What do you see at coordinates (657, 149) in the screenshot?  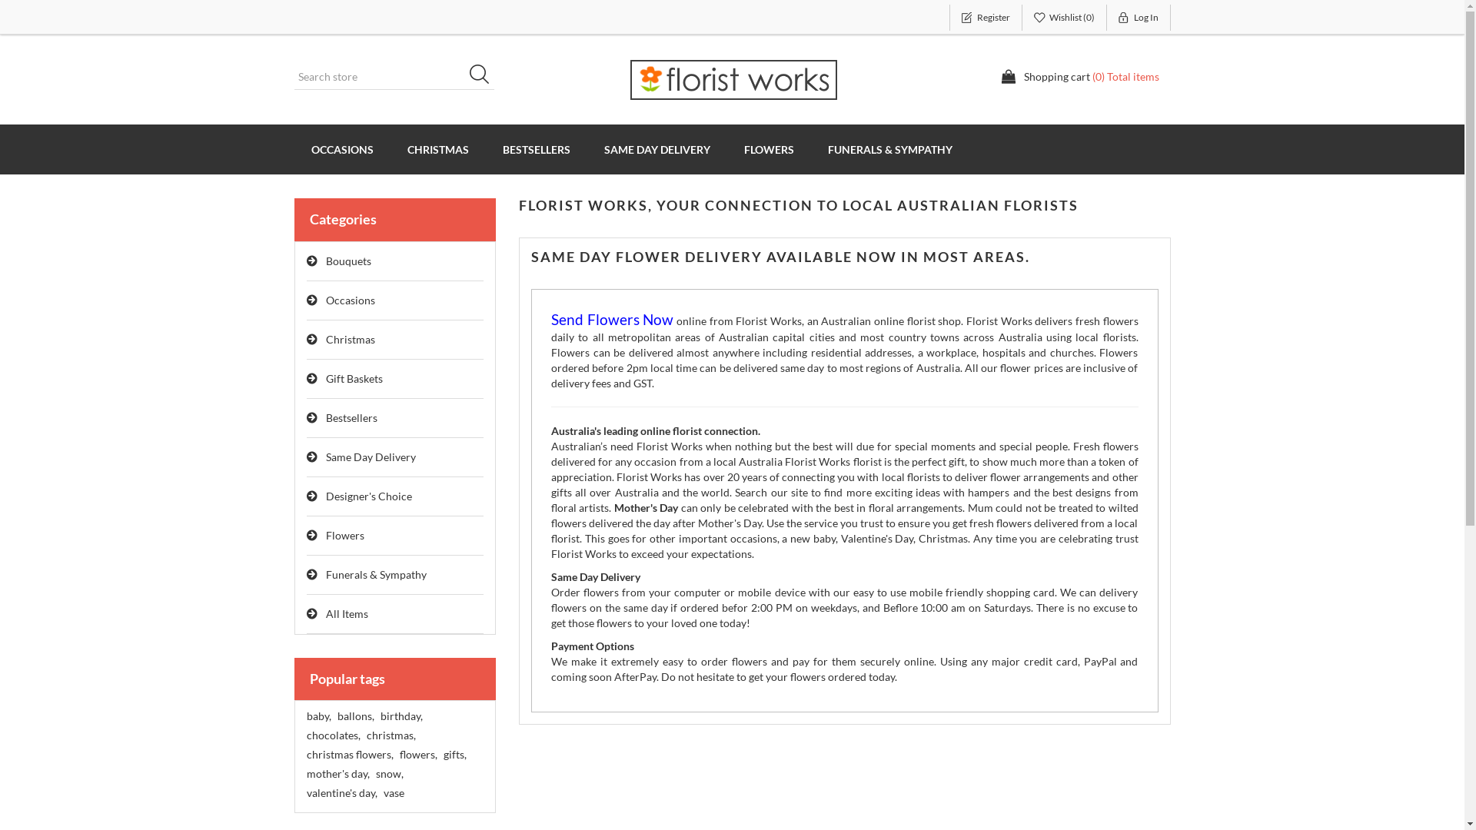 I see `'SAME DAY DELIVERY'` at bounding box center [657, 149].